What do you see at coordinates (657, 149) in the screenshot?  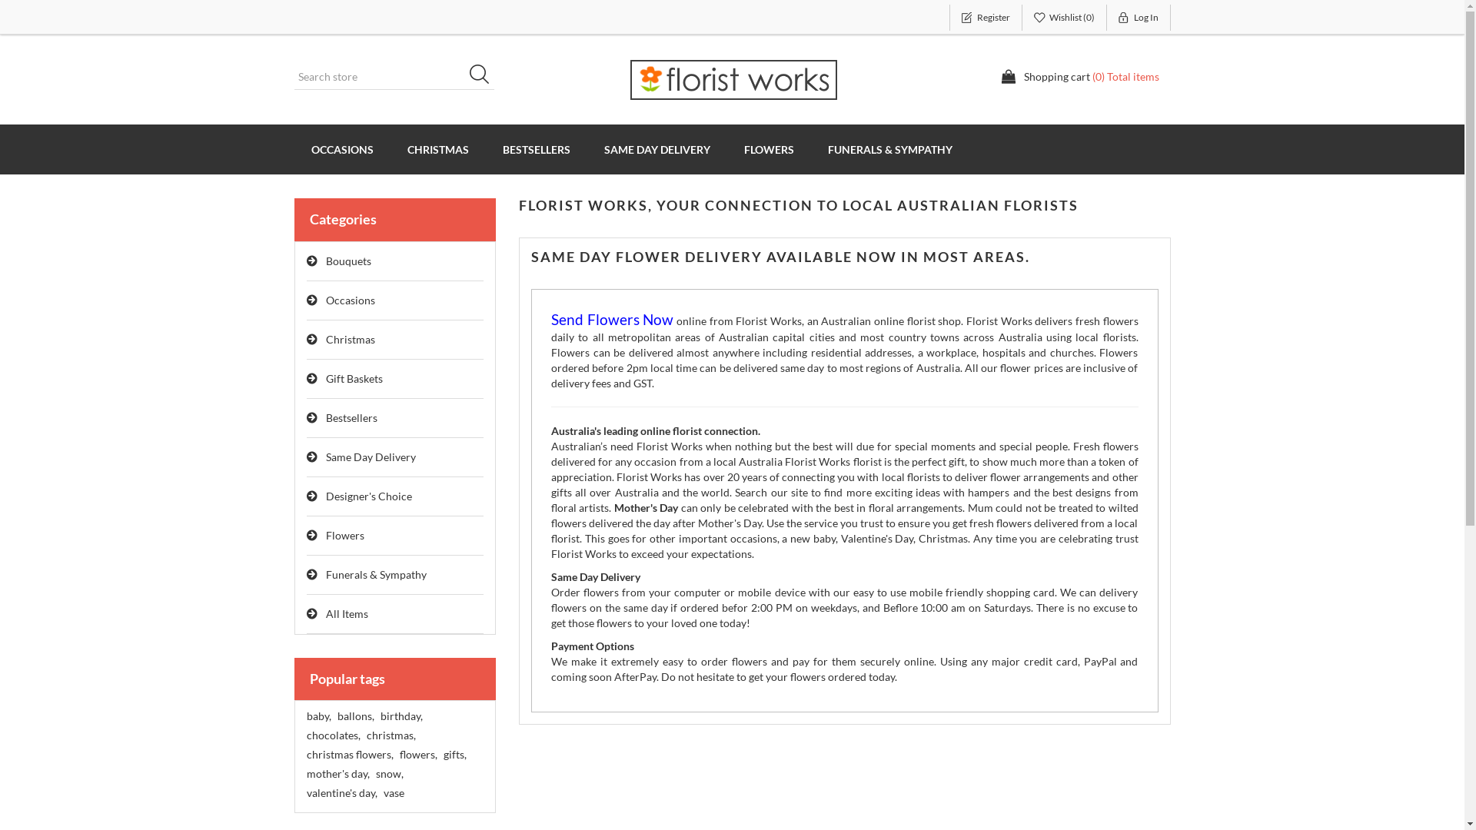 I see `'SAME DAY DELIVERY'` at bounding box center [657, 149].